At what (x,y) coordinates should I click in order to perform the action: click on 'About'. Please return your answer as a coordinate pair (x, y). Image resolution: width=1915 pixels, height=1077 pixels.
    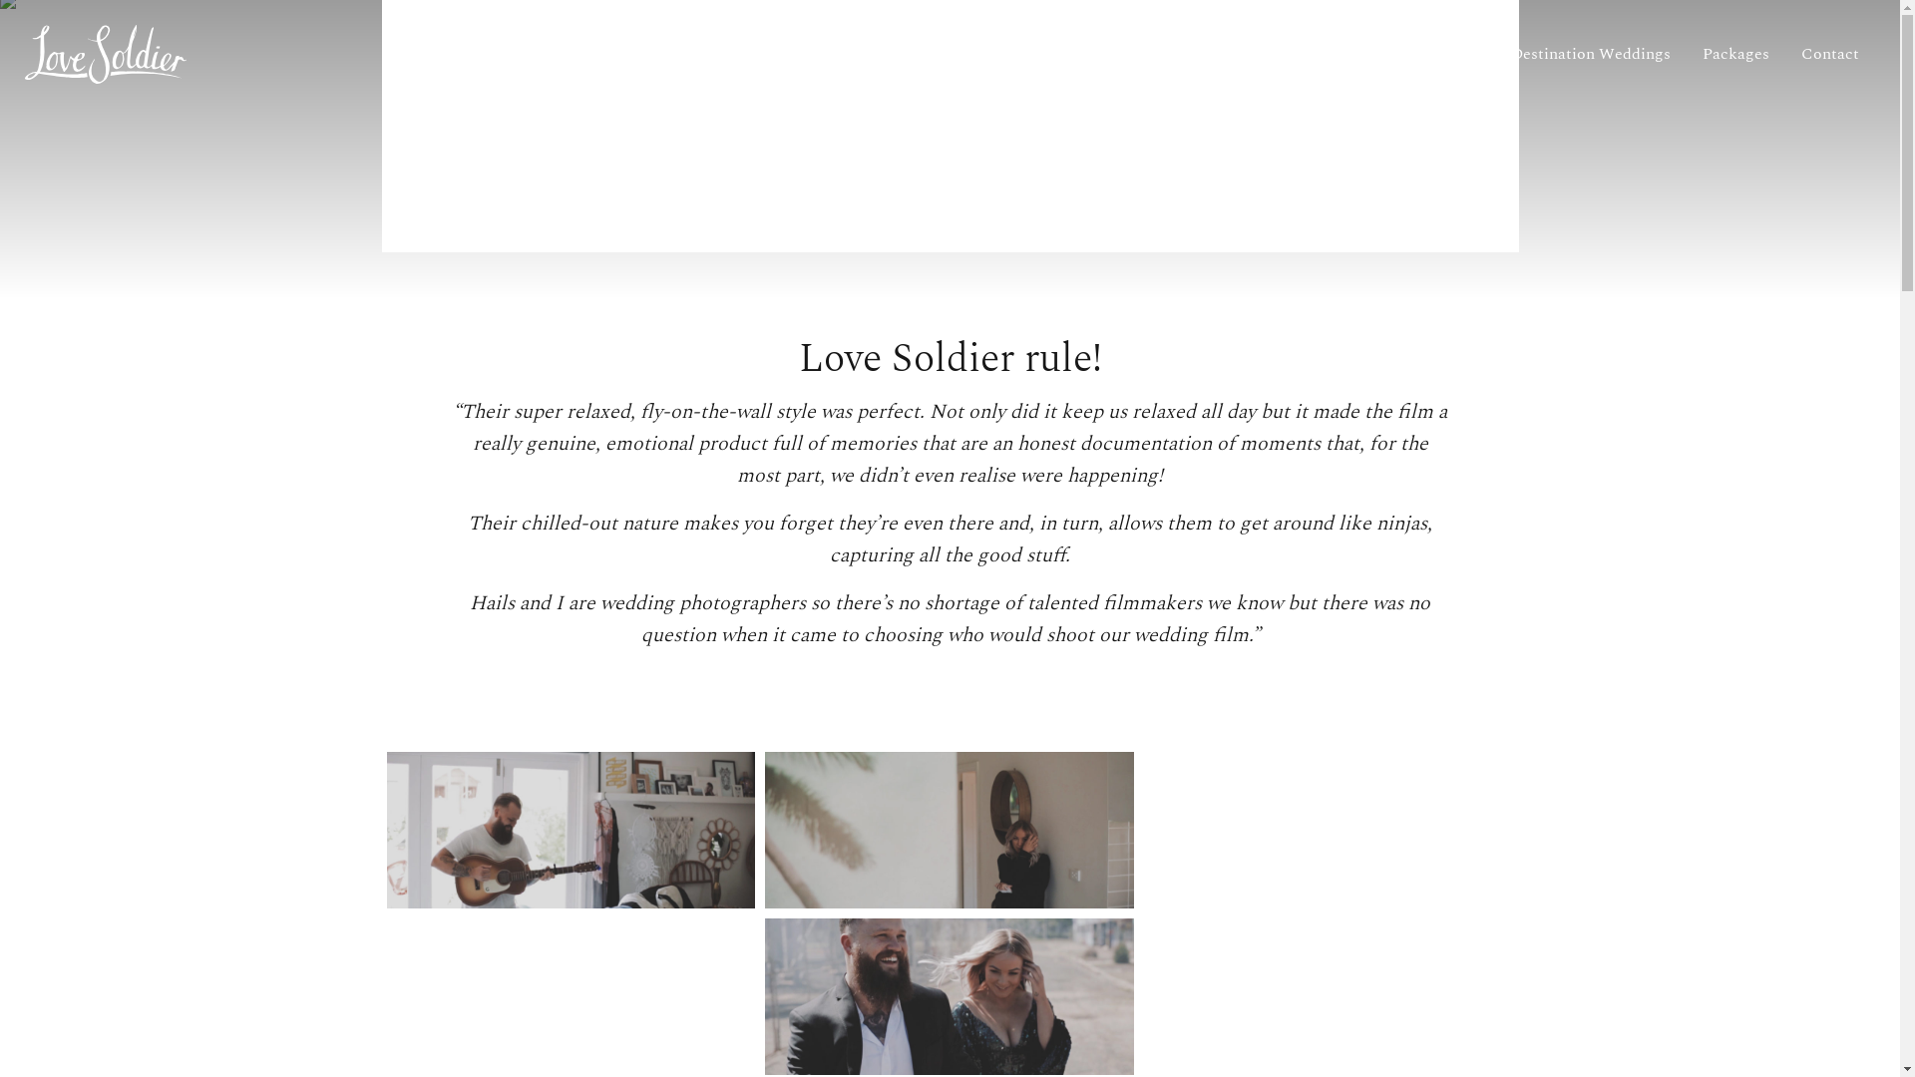
    Looking at the image, I should click on (1382, 53).